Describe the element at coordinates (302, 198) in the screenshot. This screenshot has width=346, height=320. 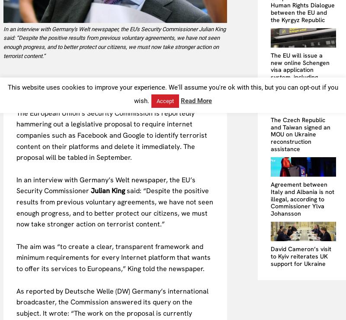
I see `'Agreement between Italy and Albania is not illegal, according to Commissioner Ylva Johansson'` at that location.